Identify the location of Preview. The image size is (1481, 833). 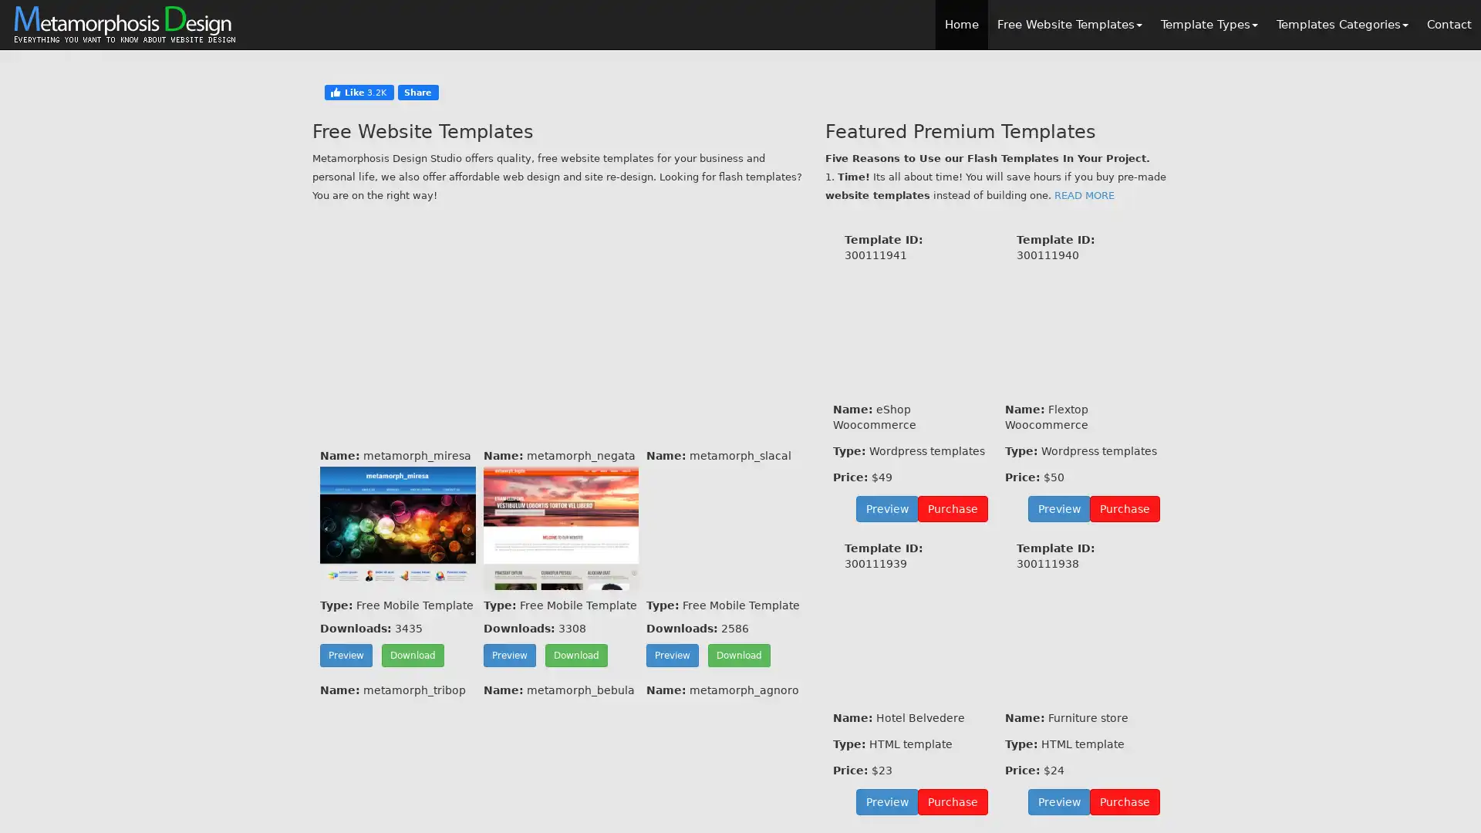
(1058, 801).